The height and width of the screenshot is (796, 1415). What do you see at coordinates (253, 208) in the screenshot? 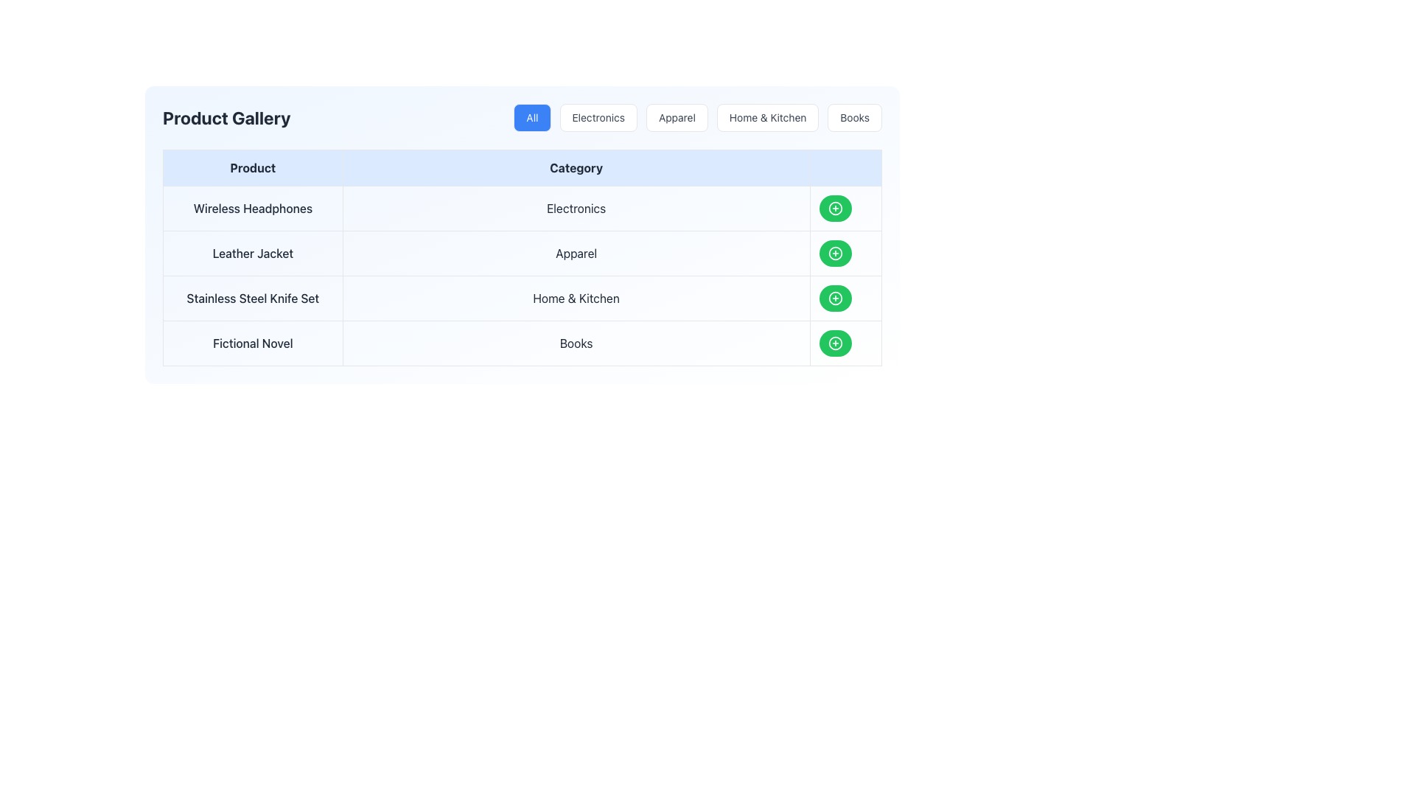
I see `the text label displaying 'Wireless Headphones' located in the 'Product' column of the table` at bounding box center [253, 208].